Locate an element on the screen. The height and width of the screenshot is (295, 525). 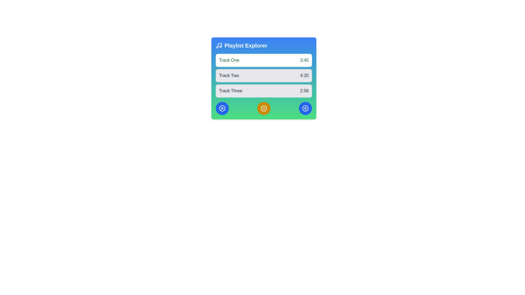
the primary circular outline of the central icon located in the bottom row of three icons, positioned at the center with another icon on either side is located at coordinates (264, 108).